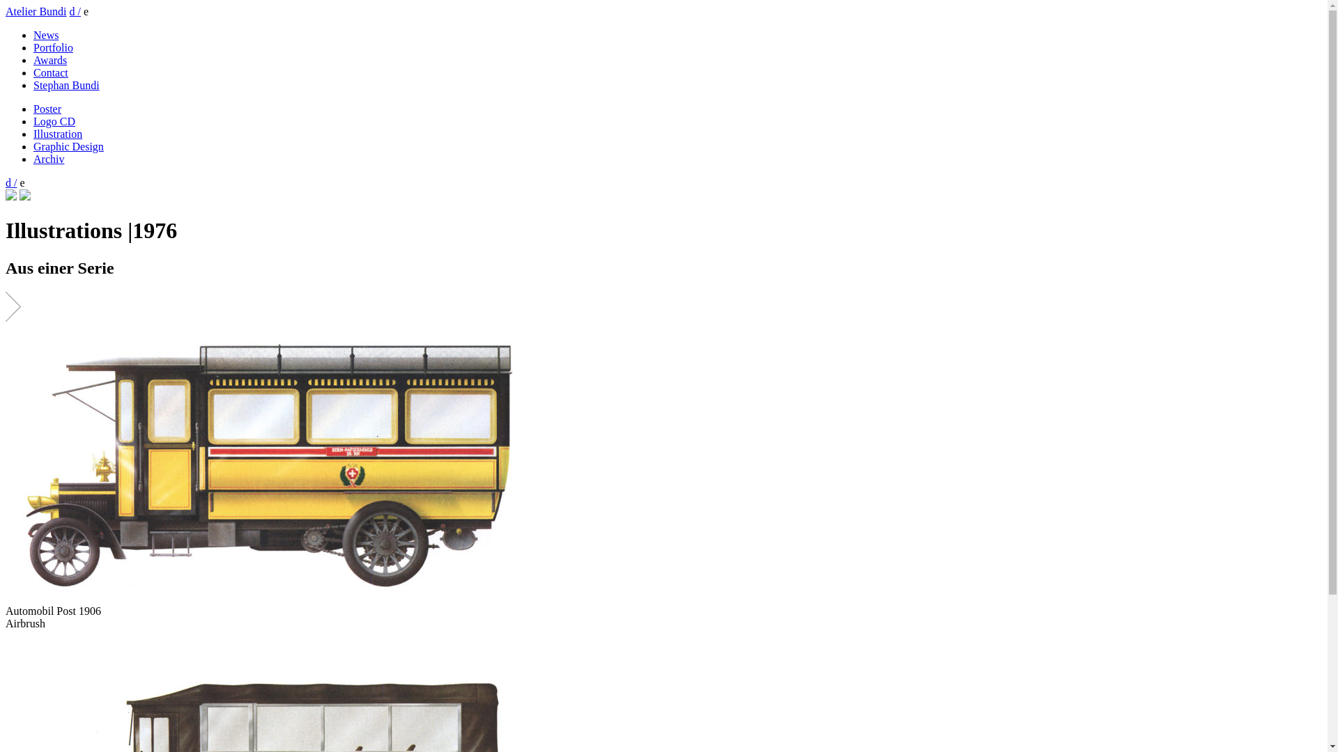  I want to click on 'Stephan Bundi', so click(33, 85).